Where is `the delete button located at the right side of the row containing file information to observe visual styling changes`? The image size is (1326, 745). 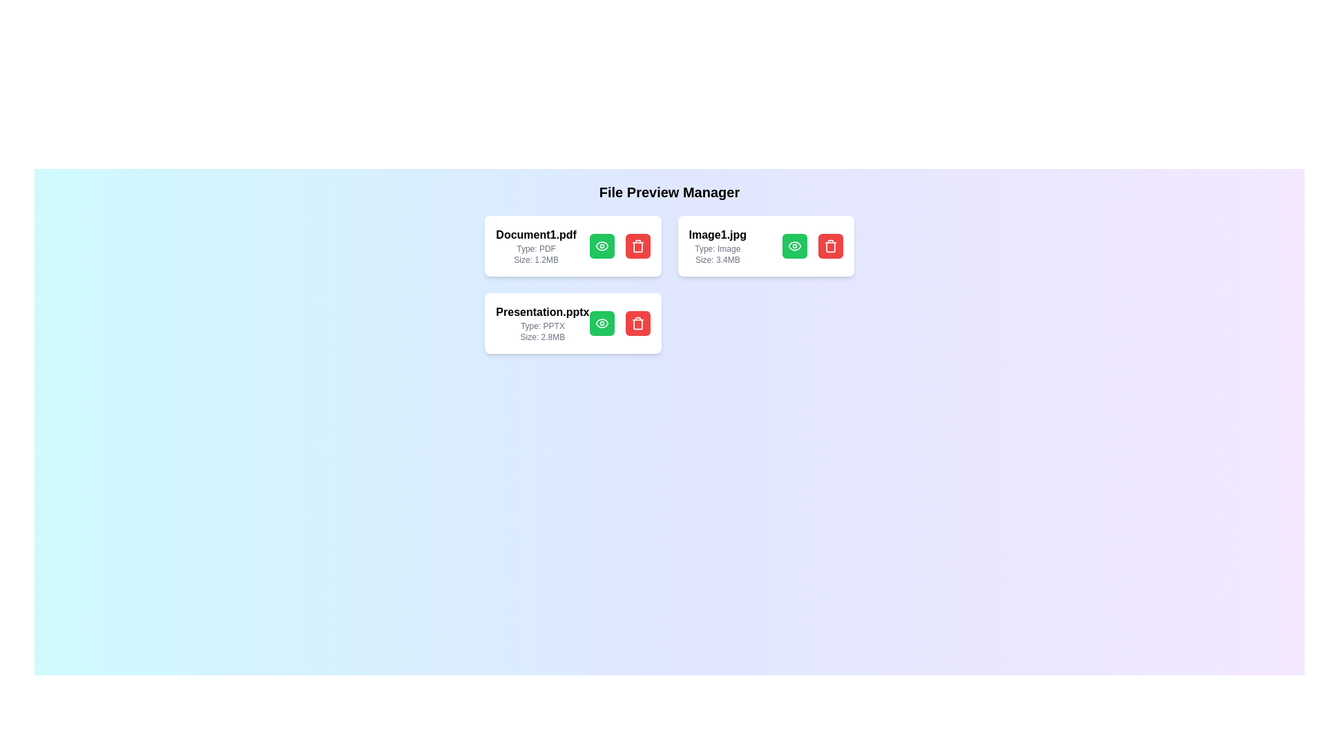
the delete button located at the right side of the row containing file information to observe visual styling changes is located at coordinates (637, 324).